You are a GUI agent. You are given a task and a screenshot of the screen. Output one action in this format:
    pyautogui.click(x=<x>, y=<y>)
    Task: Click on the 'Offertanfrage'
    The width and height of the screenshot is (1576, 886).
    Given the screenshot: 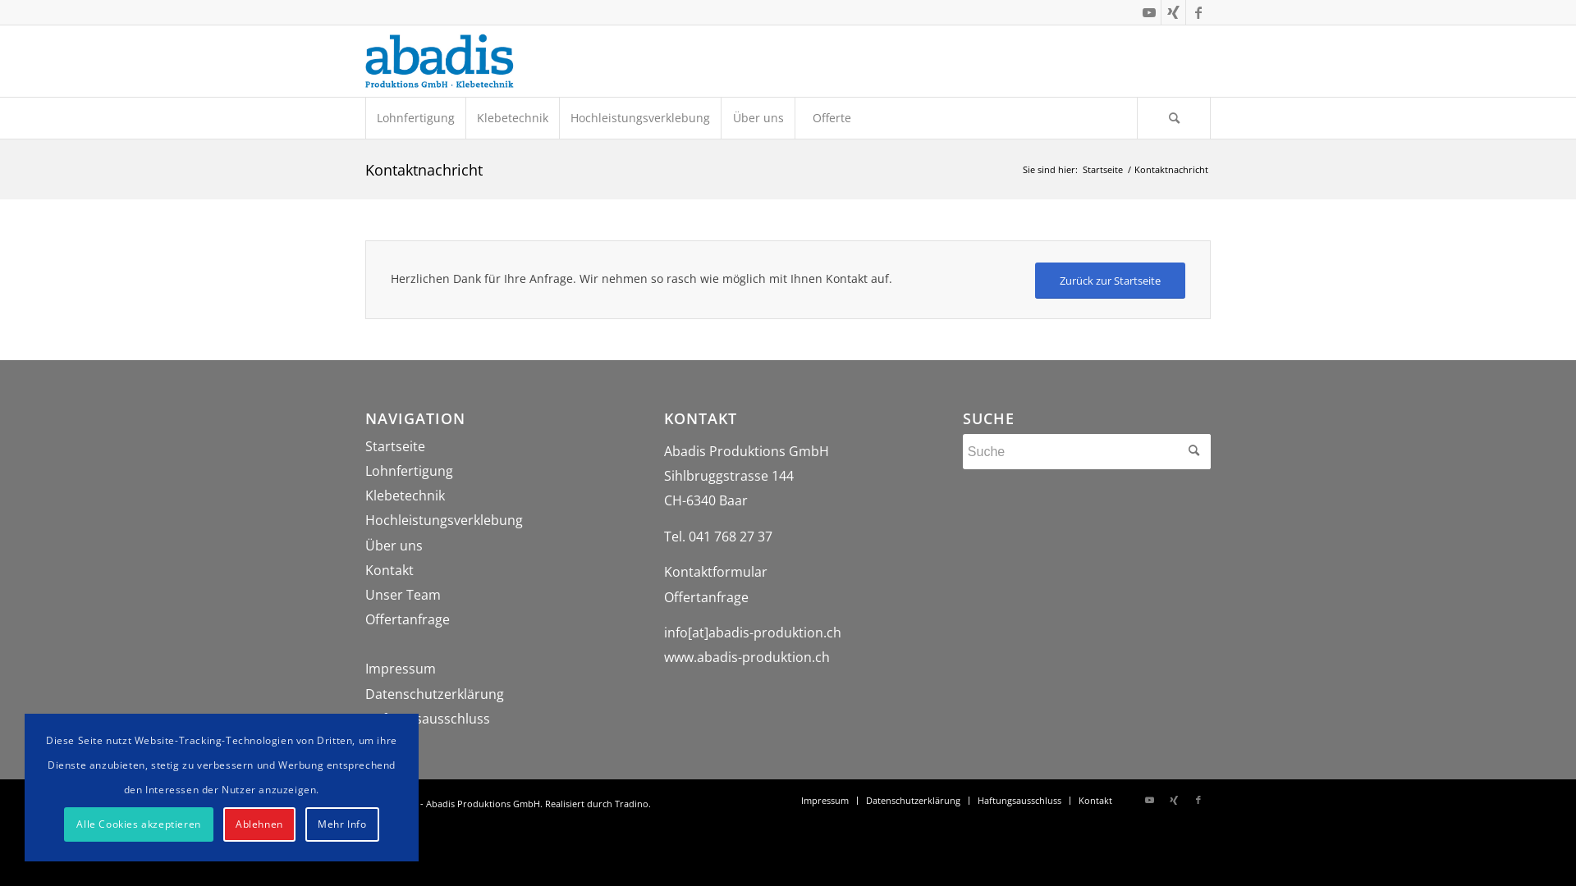 What is the action you would take?
    pyautogui.click(x=407, y=619)
    